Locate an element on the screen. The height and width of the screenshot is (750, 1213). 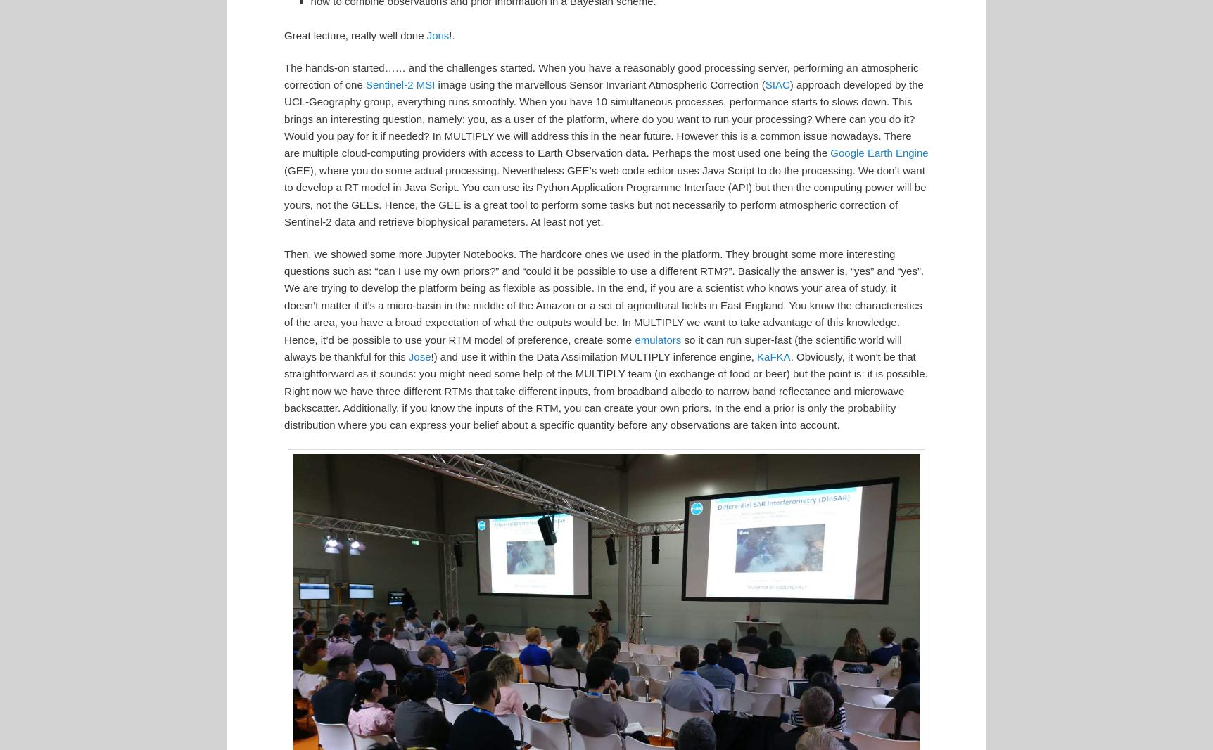
'SIAC' is located at coordinates (776, 83).